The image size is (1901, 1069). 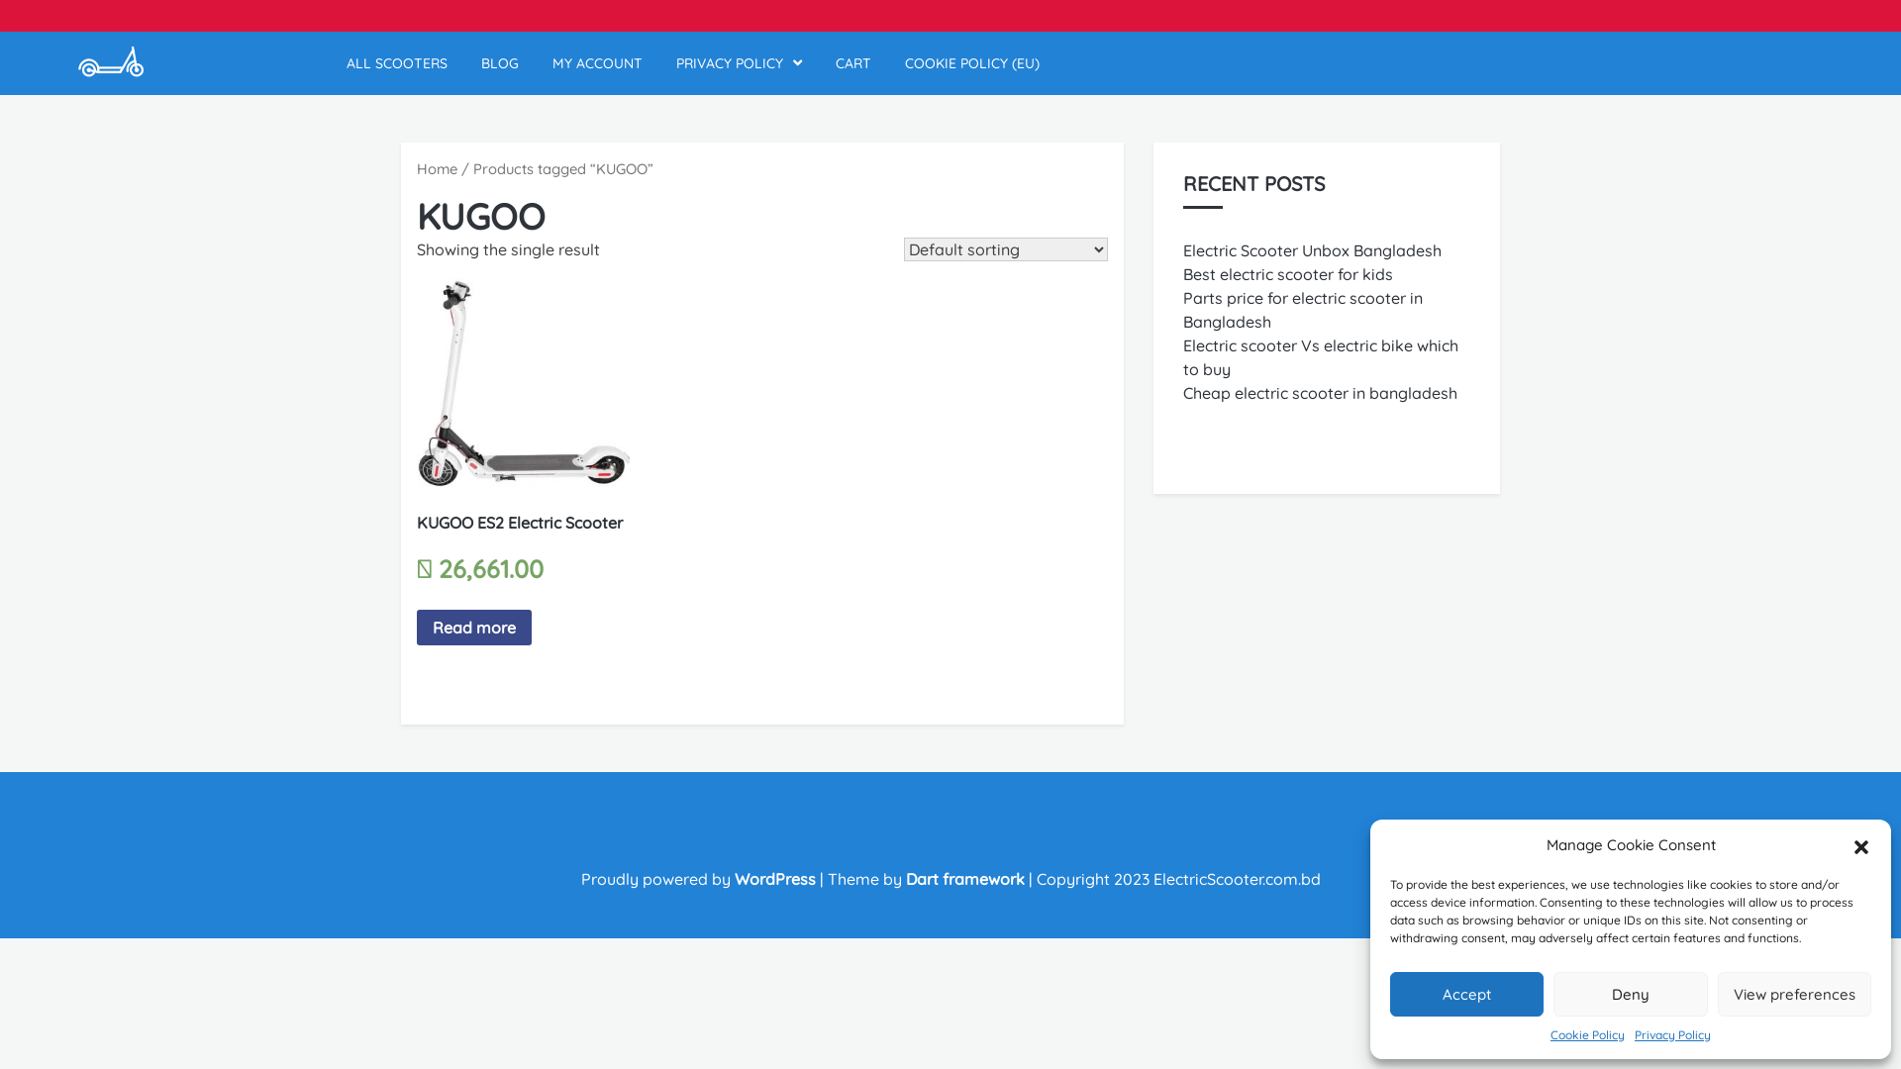 What do you see at coordinates (1388, 994) in the screenshot?
I see `'Accept'` at bounding box center [1388, 994].